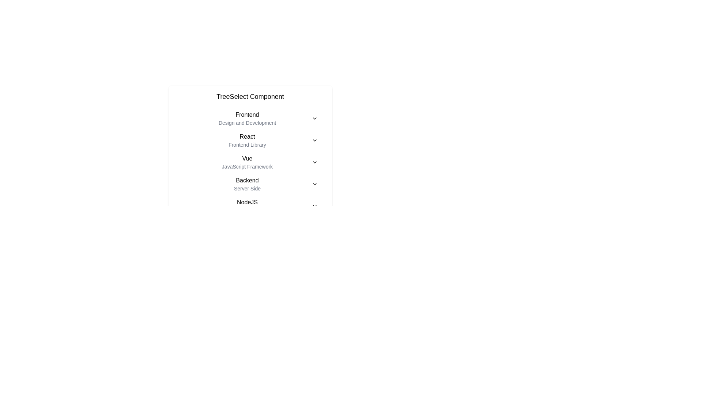 This screenshot has height=394, width=702. What do you see at coordinates (247, 184) in the screenshot?
I see `the text block representing a selectable item in the tree structure for Backend development` at bounding box center [247, 184].